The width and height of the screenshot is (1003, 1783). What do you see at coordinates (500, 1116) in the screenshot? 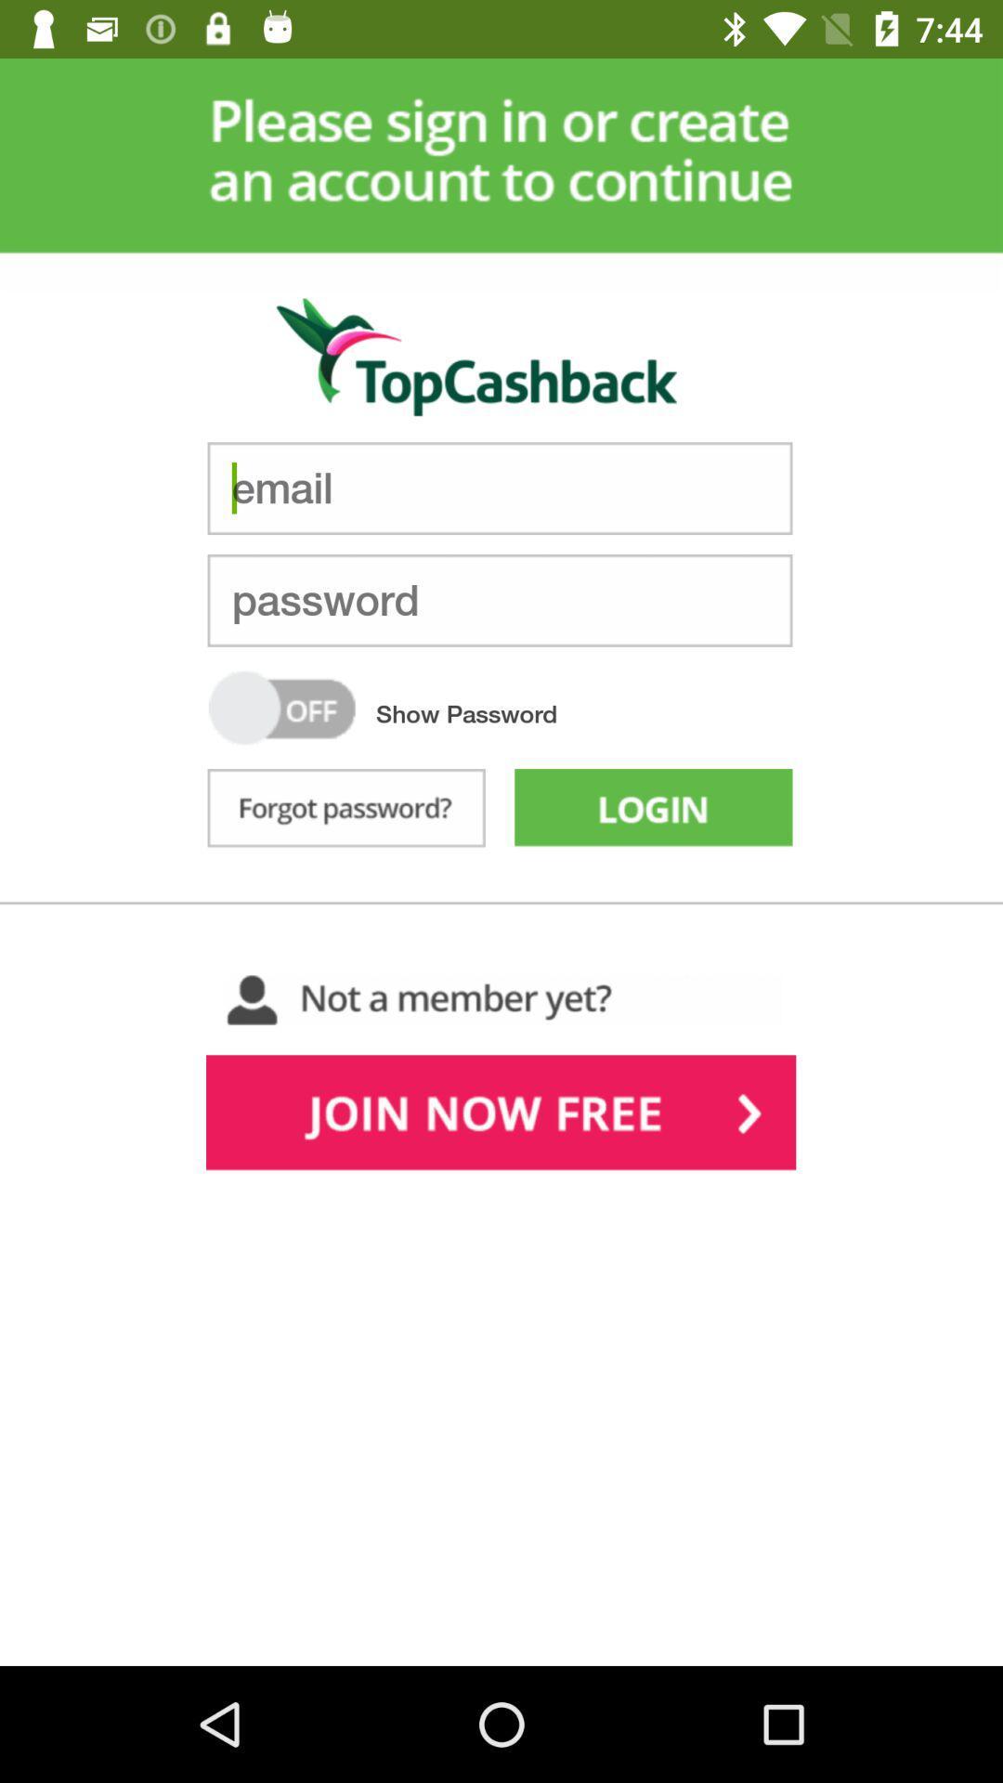
I see `join the website` at bounding box center [500, 1116].